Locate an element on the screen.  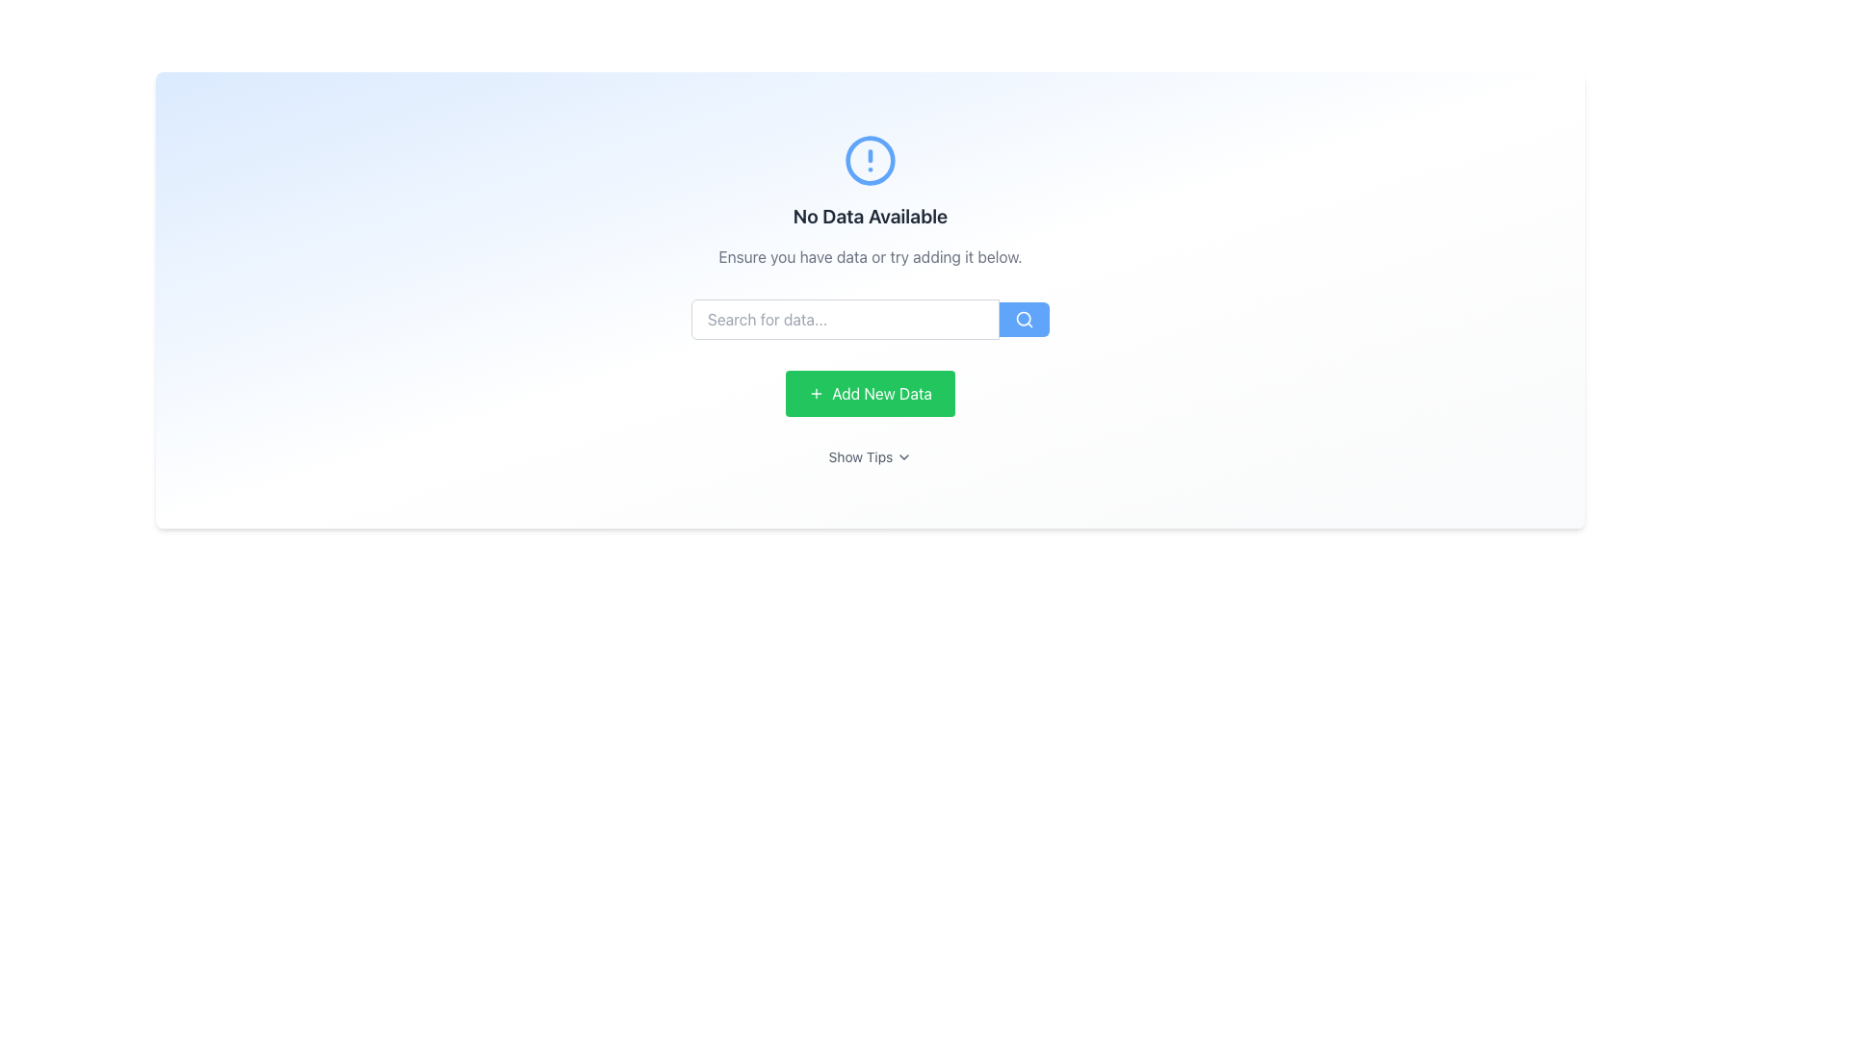
accessibility compliance of the Text label that provides guidance below 'No Data Available' and above the search bar is located at coordinates (869, 255).